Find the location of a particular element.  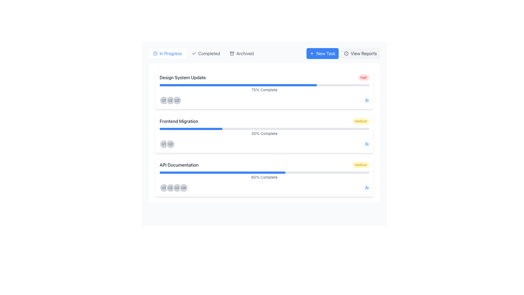

the text label displaying 'Frontend Migration' located in the second section of the task list, positioned to the left of a yellow tag labeled 'medium' is located at coordinates (179, 121).